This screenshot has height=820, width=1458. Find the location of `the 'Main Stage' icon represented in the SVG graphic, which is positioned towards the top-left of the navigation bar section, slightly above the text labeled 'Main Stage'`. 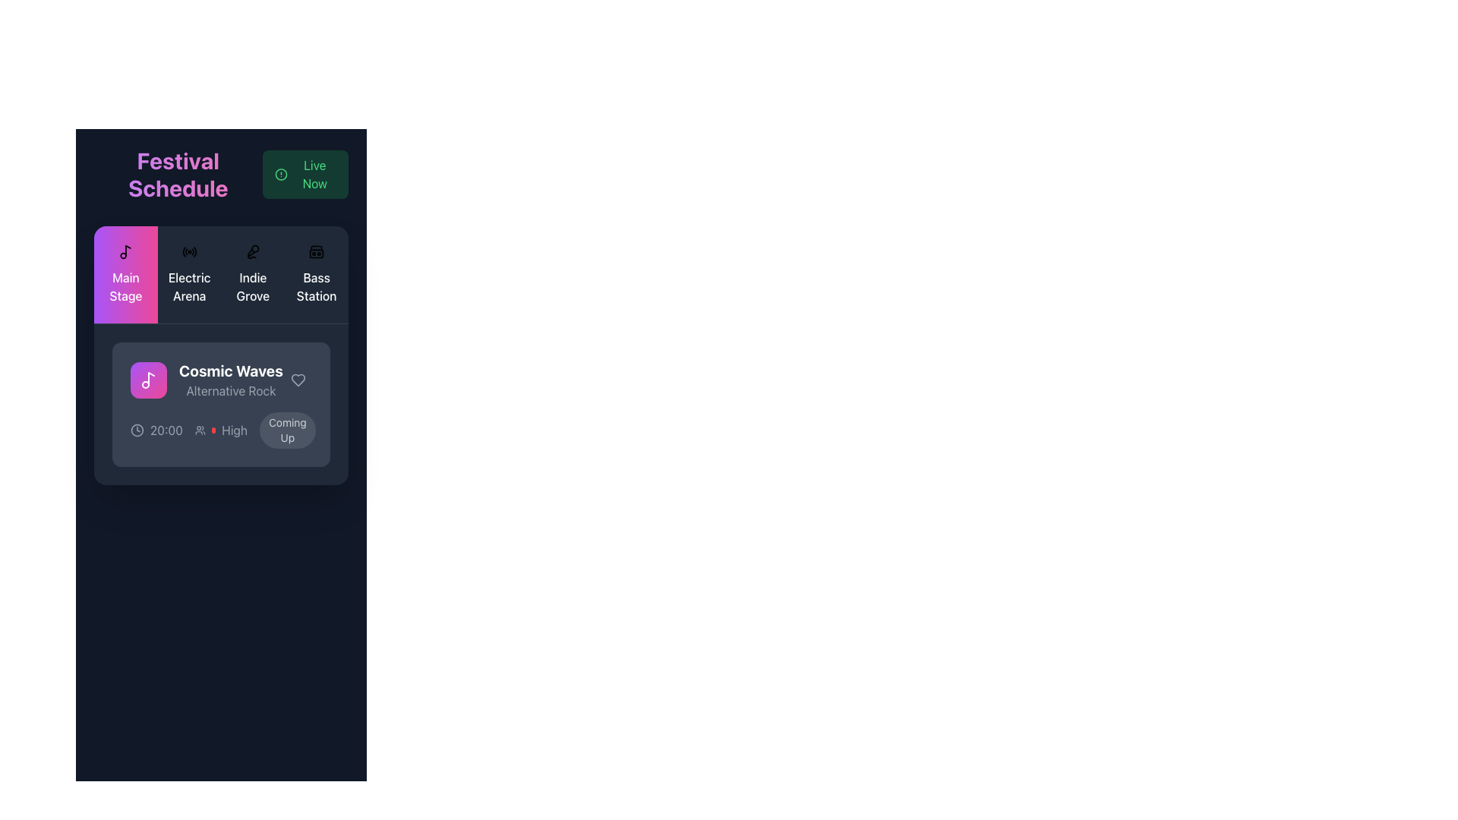

the 'Main Stage' icon represented in the SVG graphic, which is positioned towards the top-left of the navigation bar section, slightly above the text labeled 'Main Stage' is located at coordinates (128, 250).